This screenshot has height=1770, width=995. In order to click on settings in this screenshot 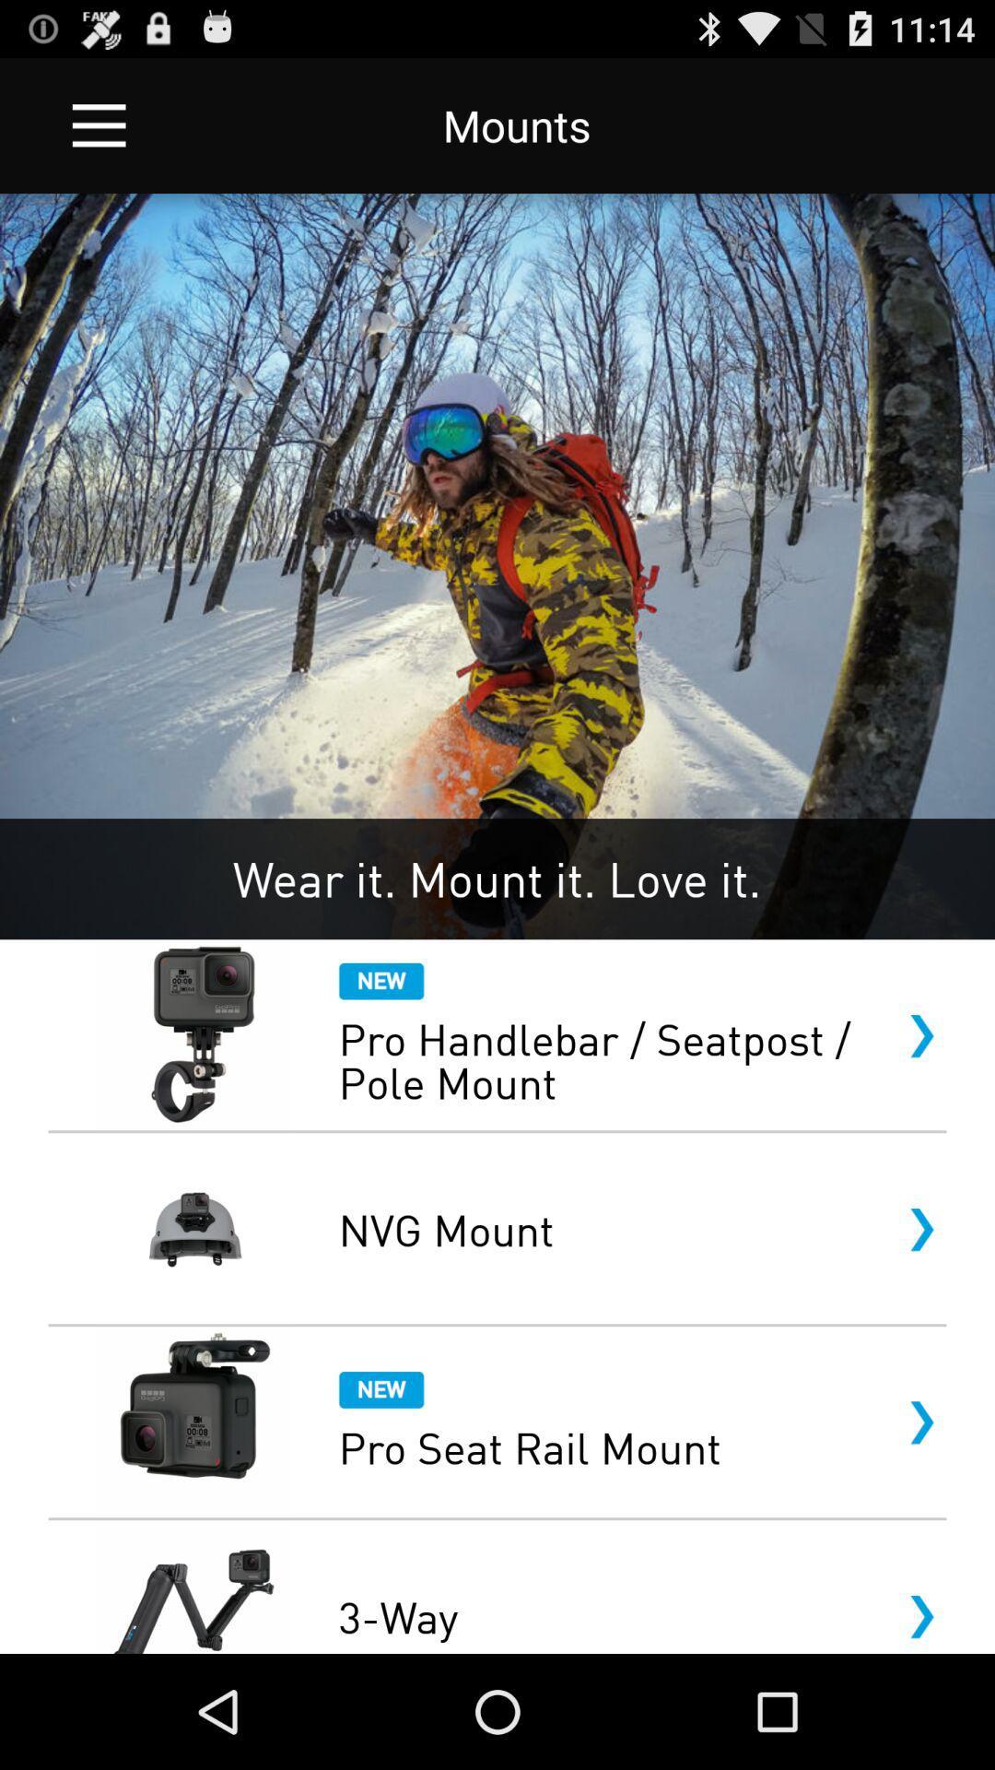, I will do `click(99, 124)`.